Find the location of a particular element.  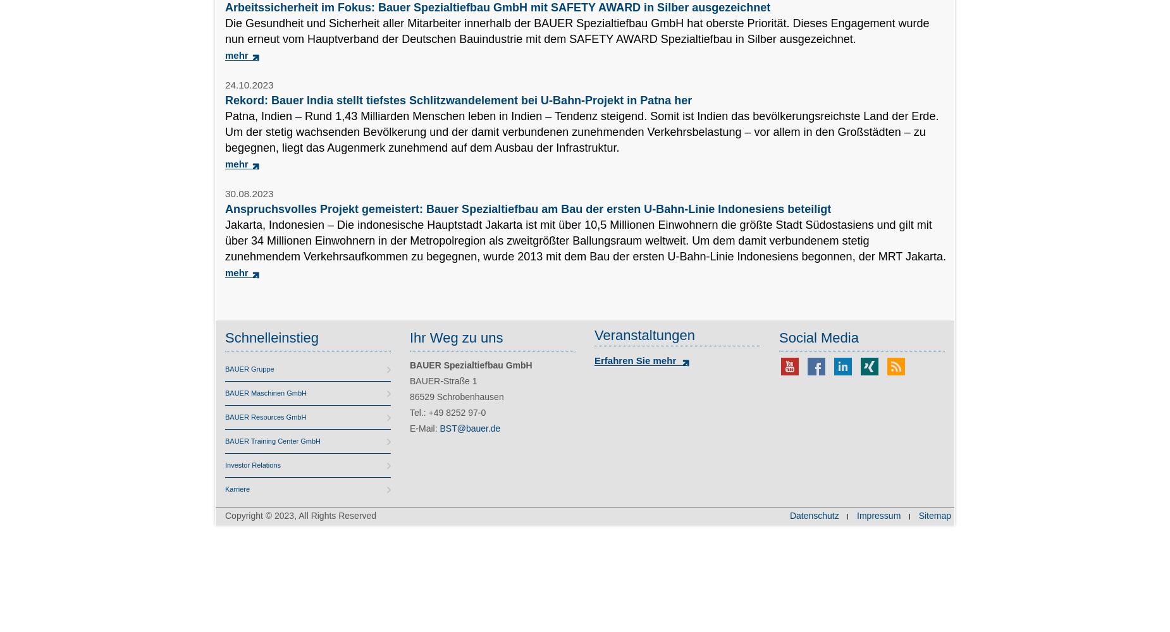

'BAUER Gruppe' is located at coordinates (224, 368).